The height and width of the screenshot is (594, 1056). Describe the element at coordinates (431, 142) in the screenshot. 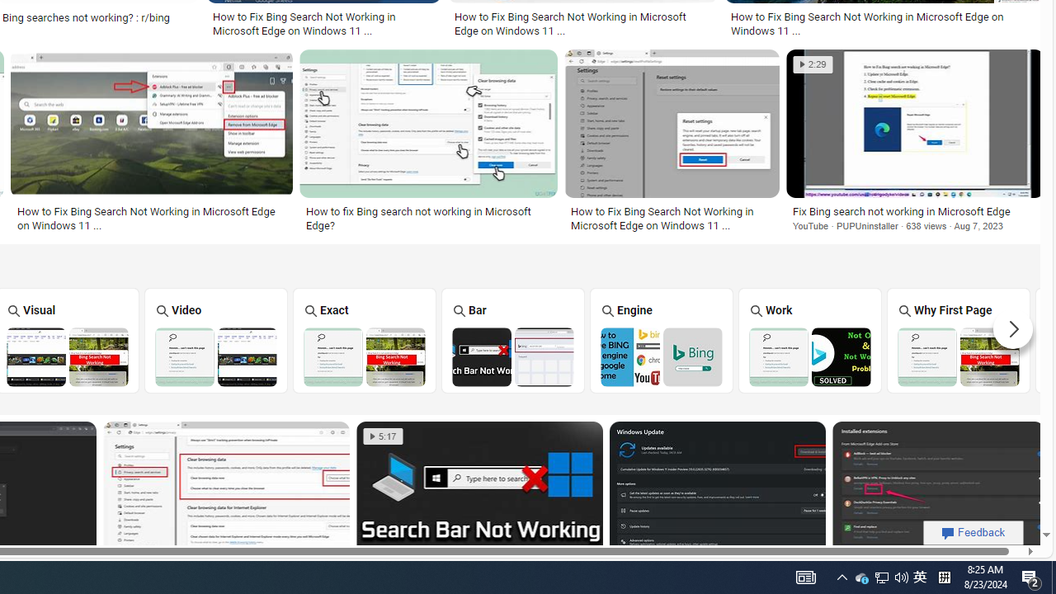

I see `'How to fix Bing search not working in Microsoft Edge?Save'` at that location.